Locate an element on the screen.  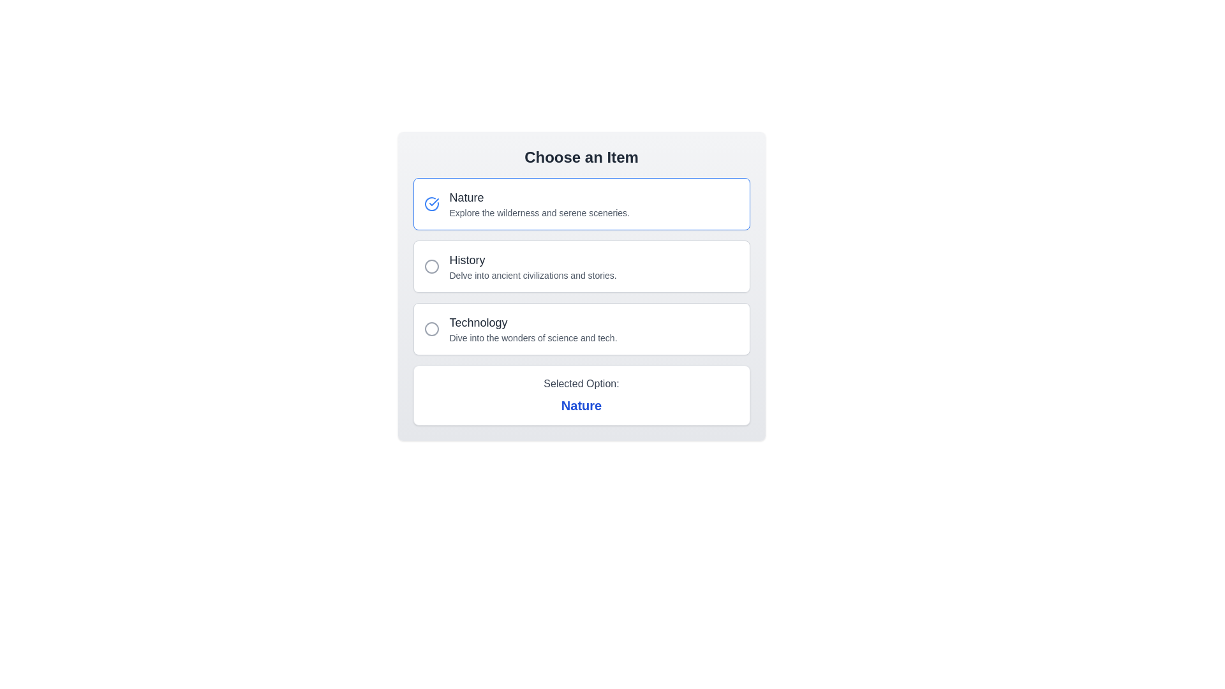
the circular radio button icon adjacent to the 'Technology' text for accessibility navigation is located at coordinates (431, 329).